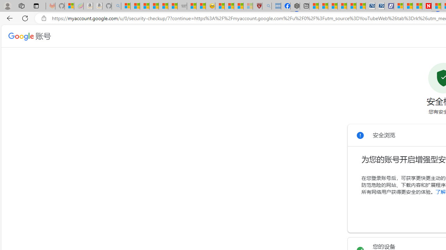 Image resolution: width=446 pixels, height=250 pixels. Describe the element at coordinates (370, 6) in the screenshot. I see `'Cheap Car Rentals - Save70.com'` at that location.